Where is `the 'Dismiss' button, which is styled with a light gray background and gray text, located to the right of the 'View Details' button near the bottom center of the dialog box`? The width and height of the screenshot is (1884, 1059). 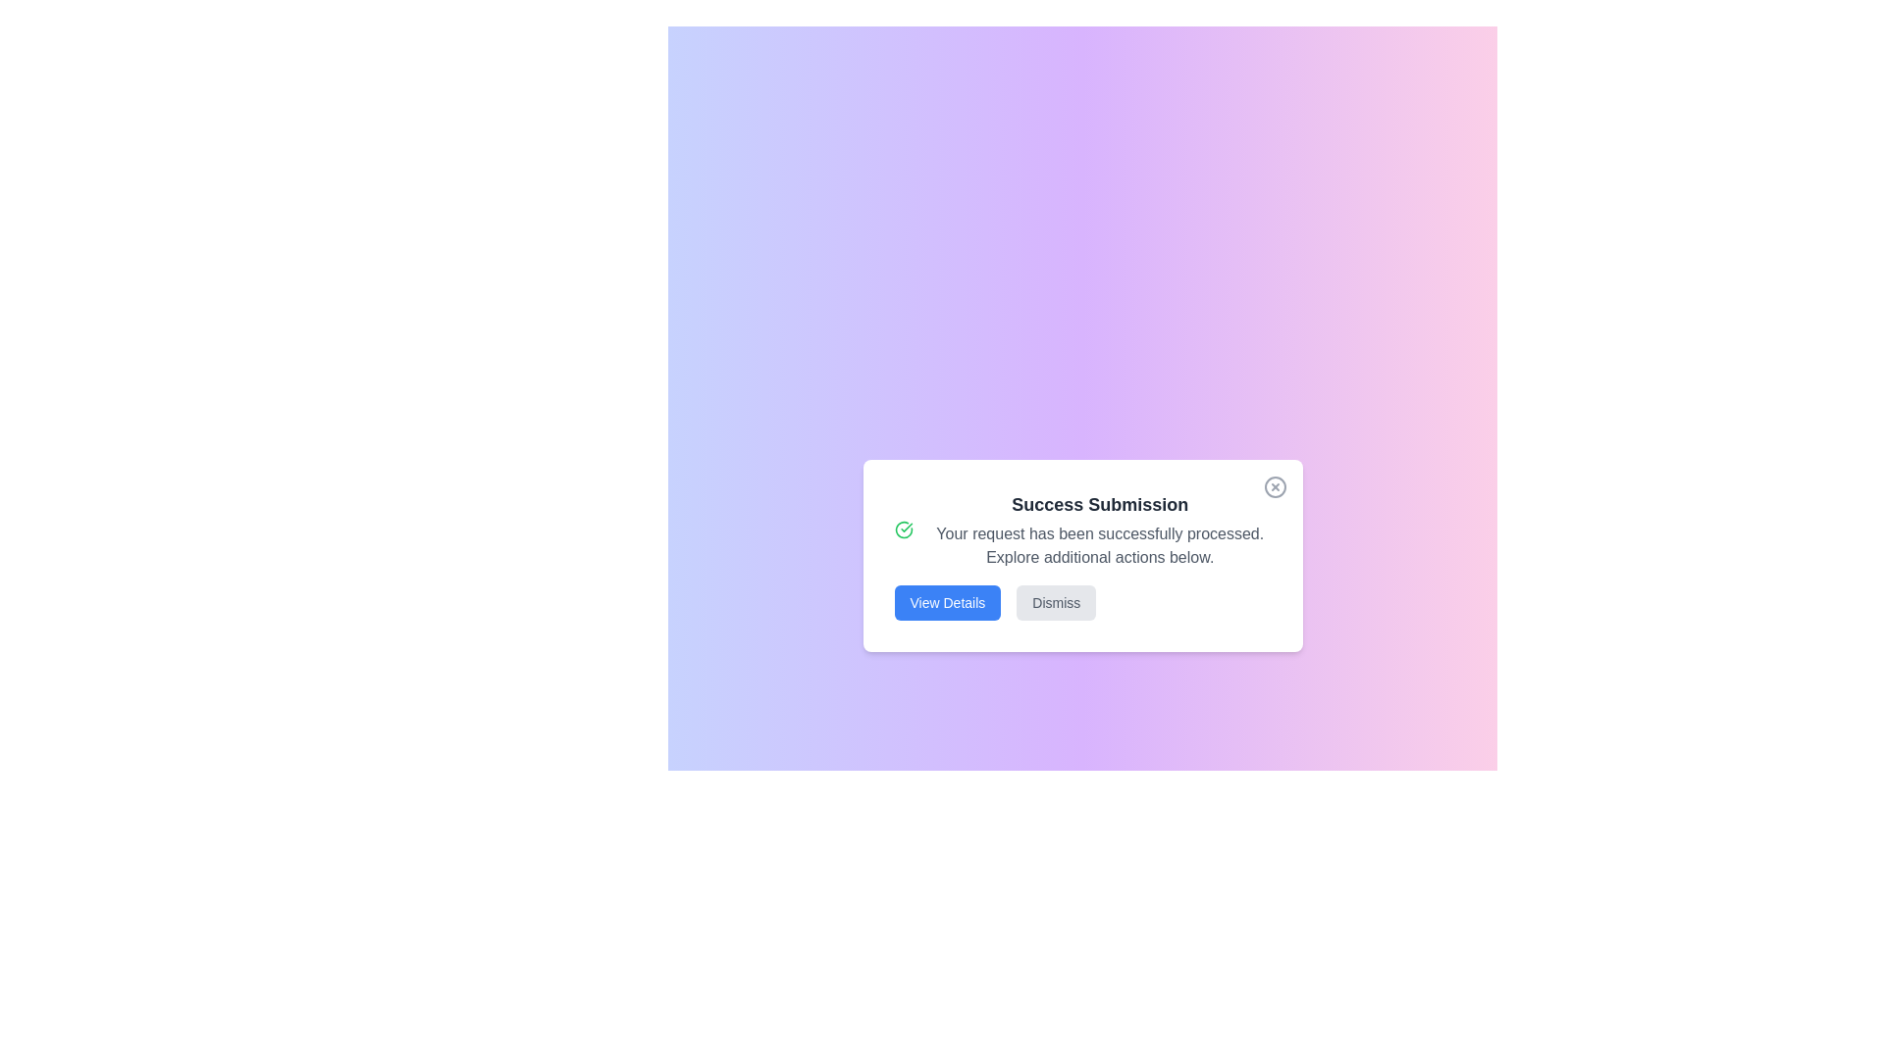
the 'Dismiss' button, which is styled with a light gray background and gray text, located to the right of the 'View Details' button near the bottom center of the dialog box is located at coordinates (1055, 601).